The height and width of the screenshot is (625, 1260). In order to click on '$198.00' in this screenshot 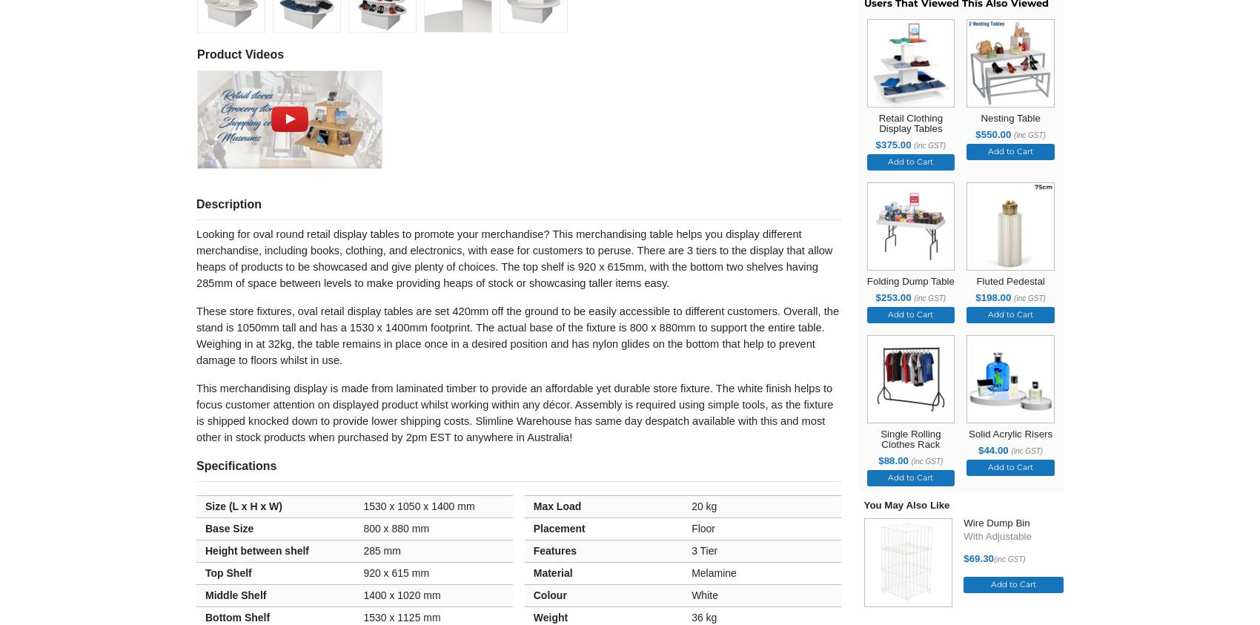, I will do `click(994, 296)`.